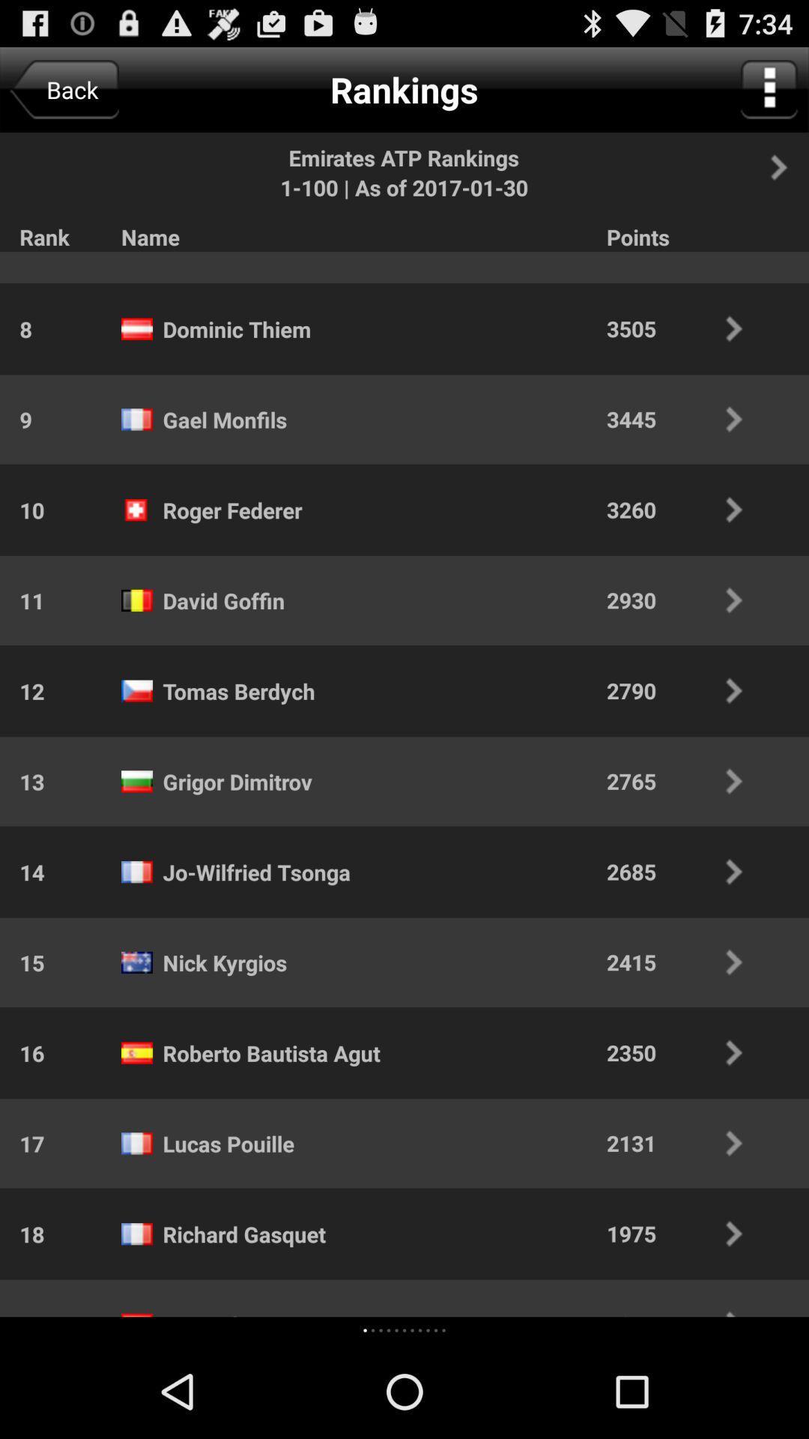  I want to click on app below name item, so click(215, 253).